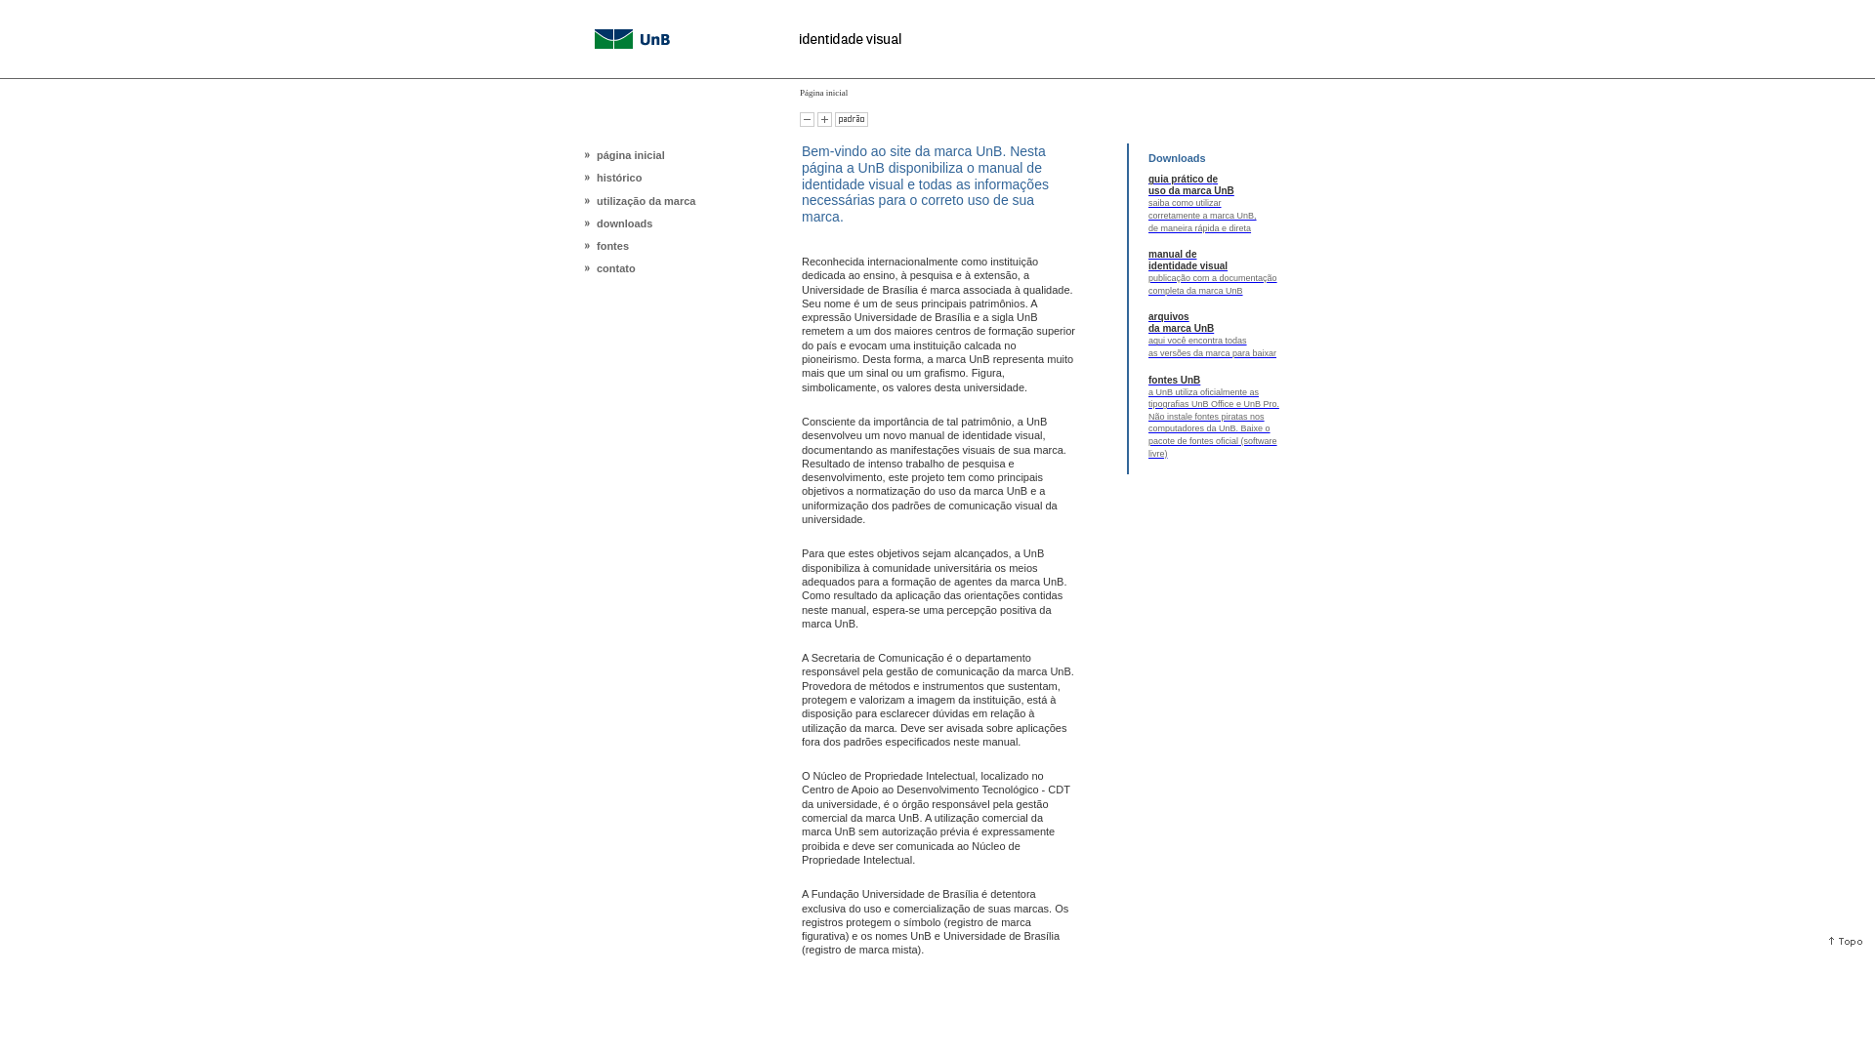 This screenshot has width=1875, height=1054. What do you see at coordinates (807, 119) in the screenshot?
I see `'Diminuir o tamanho da letra'` at bounding box center [807, 119].